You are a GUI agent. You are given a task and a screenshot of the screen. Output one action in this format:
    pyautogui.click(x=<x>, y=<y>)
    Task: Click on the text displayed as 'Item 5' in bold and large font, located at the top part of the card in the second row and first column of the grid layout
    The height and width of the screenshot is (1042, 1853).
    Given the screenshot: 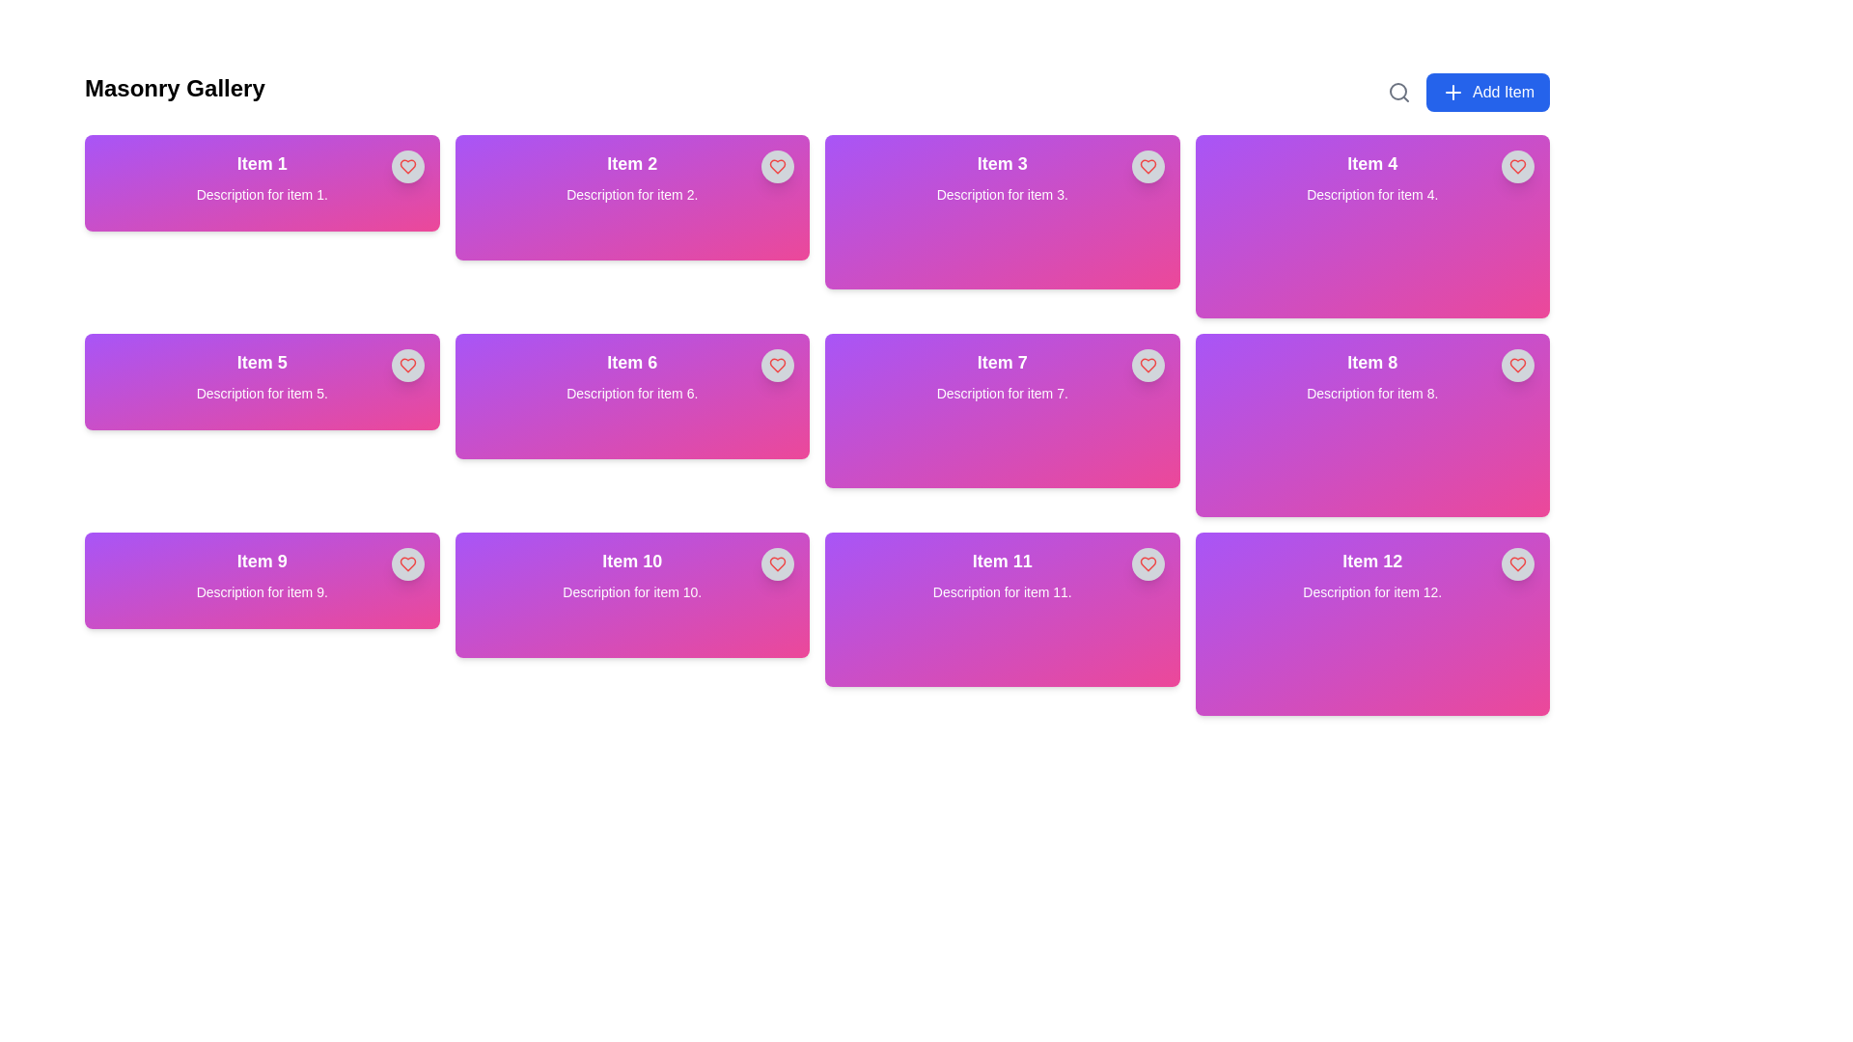 What is the action you would take?
    pyautogui.click(x=261, y=362)
    